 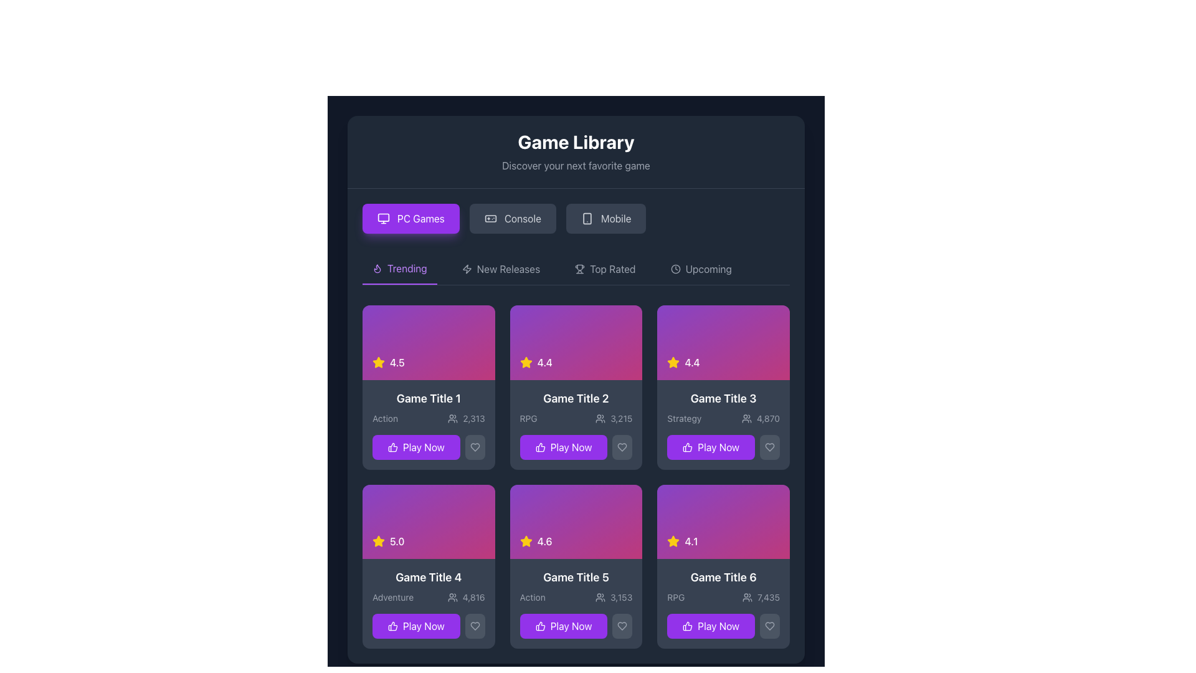 What do you see at coordinates (407, 268) in the screenshot?
I see `the 'Trending' label, which is a purple text label in the category menu, positioned to the right of a flame-shaped icon` at bounding box center [407, 268].